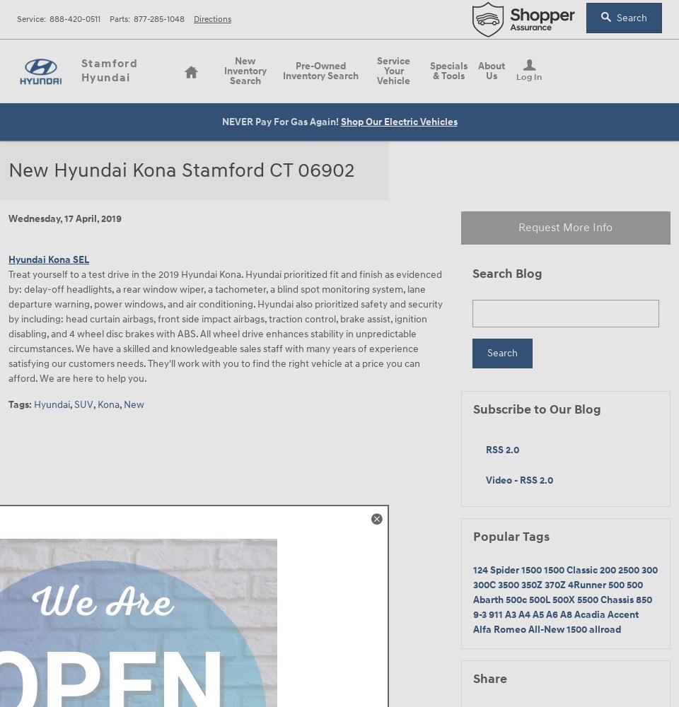 The image size is (679, 707). What do you see at coordinates (608, 569) in the screenshot?
I see `'200'` at bounding box center [608, 569].